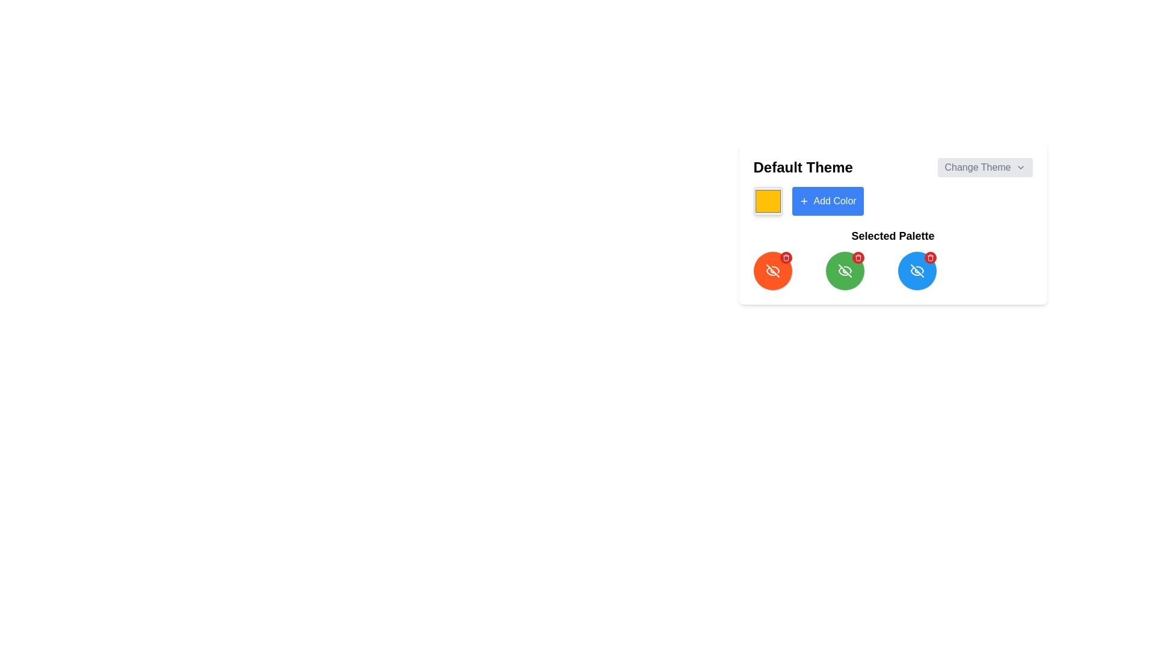  What do you see at coordinates (893, 236) in the screenshot?
I see `the text label reading 'Selected Palette', which is styled in bold font and serves as a section title above the palette grid` at bounding box center [893, 236].